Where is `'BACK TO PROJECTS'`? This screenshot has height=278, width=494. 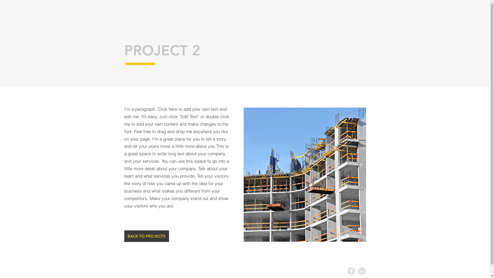 'BACK TO PROJECTS' is located at coordinates (146, 236).